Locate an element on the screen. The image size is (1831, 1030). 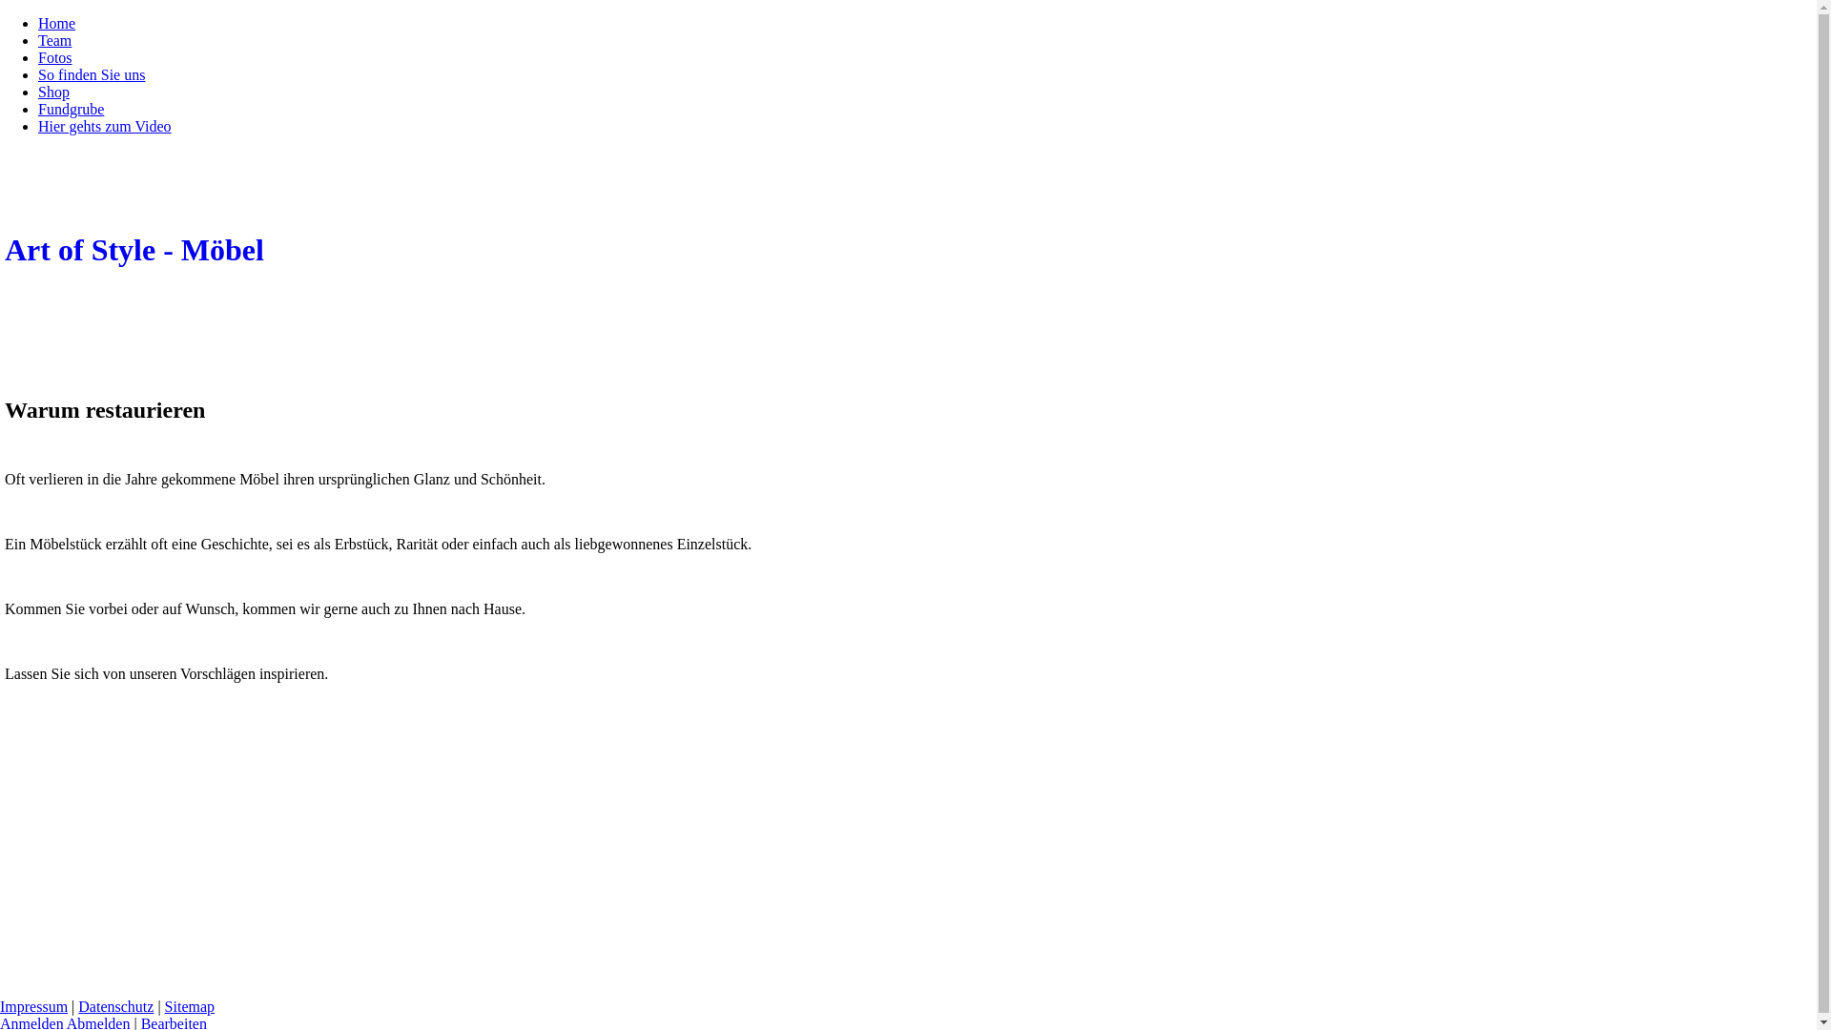
'Team' is located at coordinates (54, 40).